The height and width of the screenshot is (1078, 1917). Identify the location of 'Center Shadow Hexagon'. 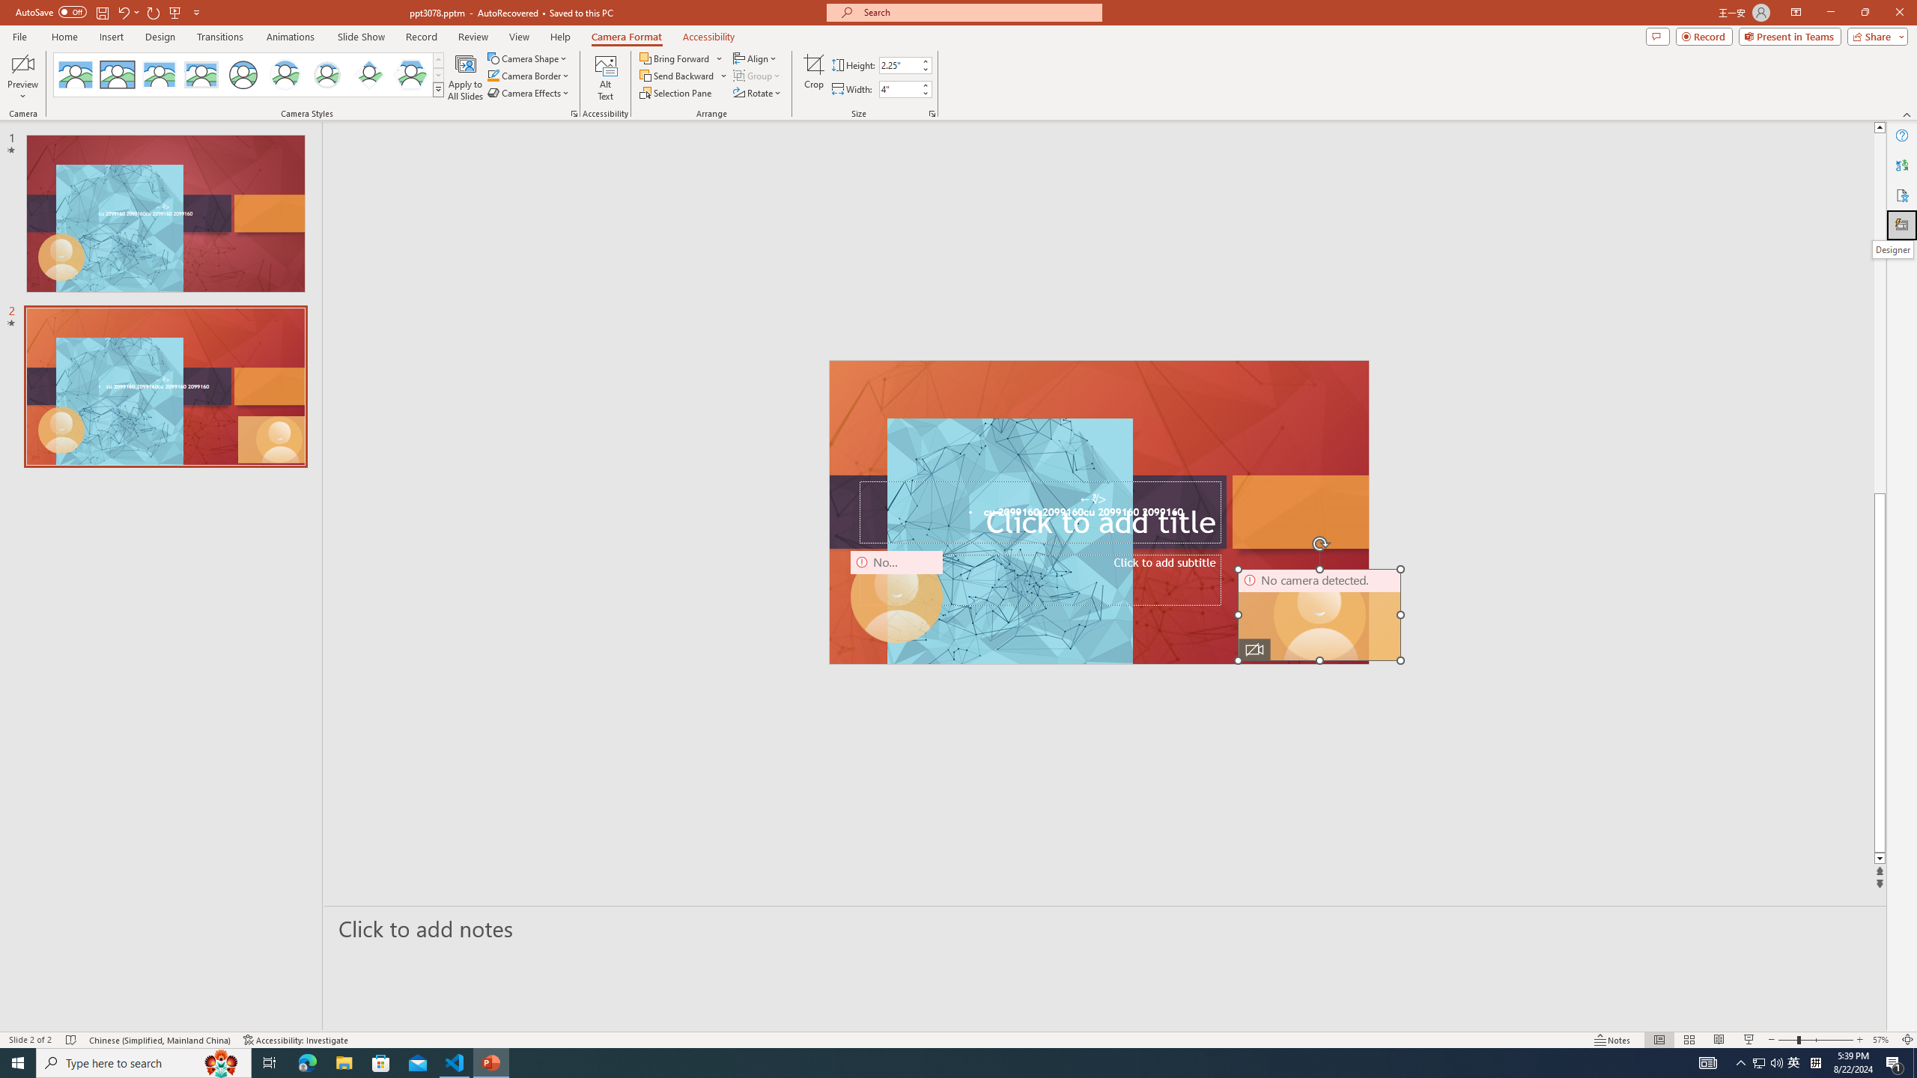
(411, 74).